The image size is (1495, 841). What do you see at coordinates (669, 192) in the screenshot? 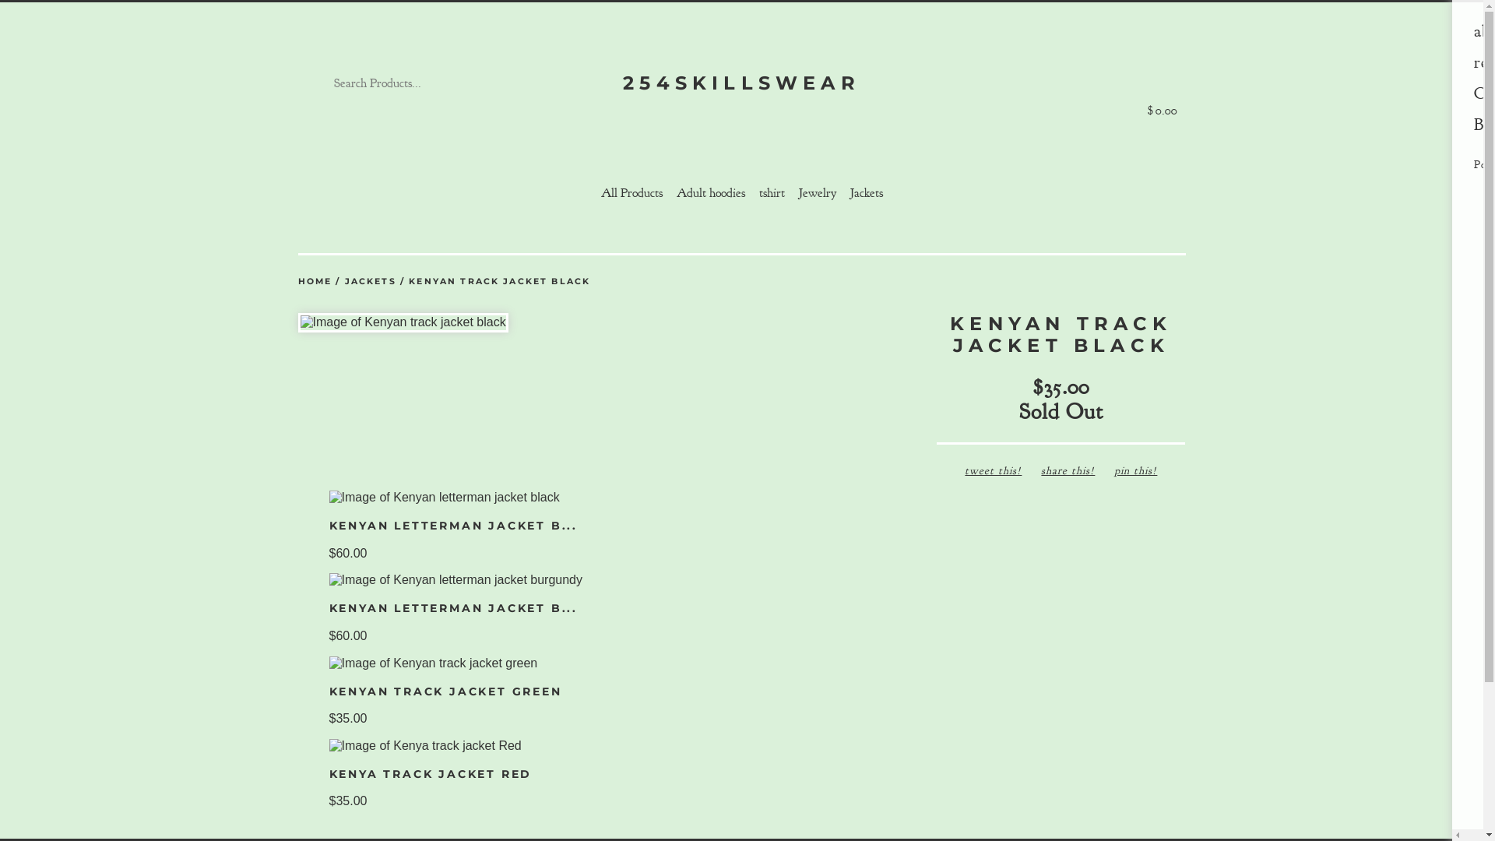
I see `'Adult hoodies'` at bounding box center [669, 192].